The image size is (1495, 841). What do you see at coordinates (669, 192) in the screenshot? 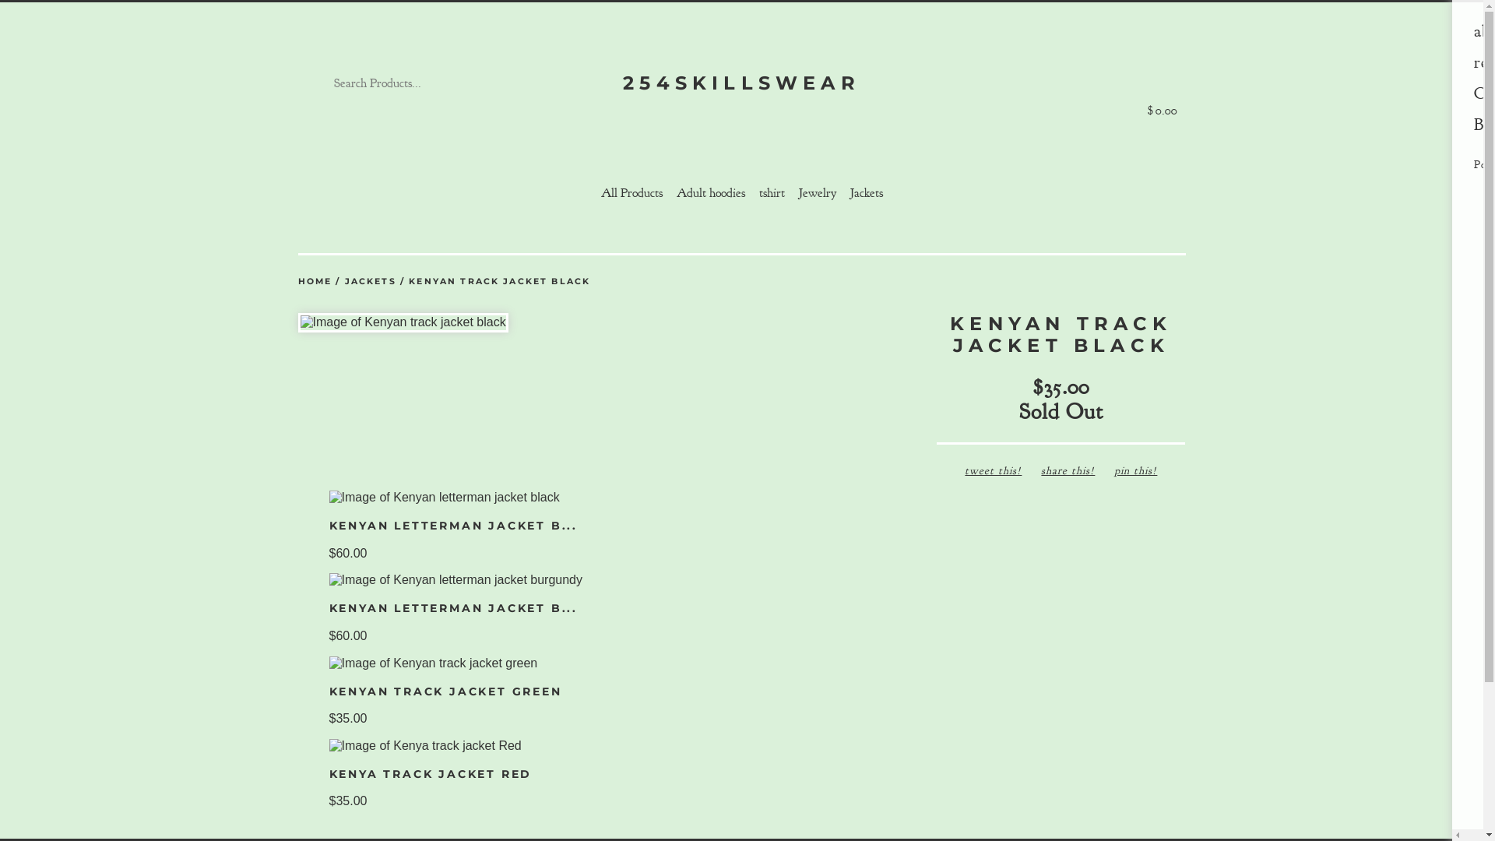
I see `'Adult hoodies'` at bounding box center [669, 192].